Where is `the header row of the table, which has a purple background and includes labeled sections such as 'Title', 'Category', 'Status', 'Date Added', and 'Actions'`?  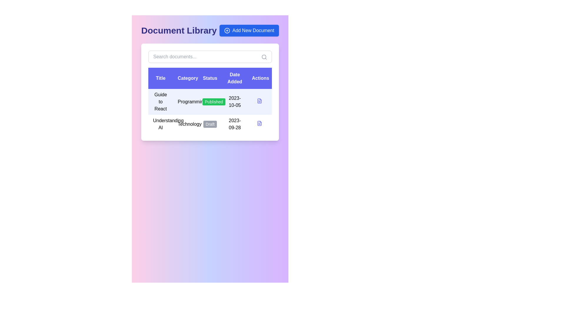
the header row of the table, which has a purple background and includes labeled sections such as 'Title', 'Category', 'Status', 'Date Added', and 'Actions' is located at coordinates (210, 78).